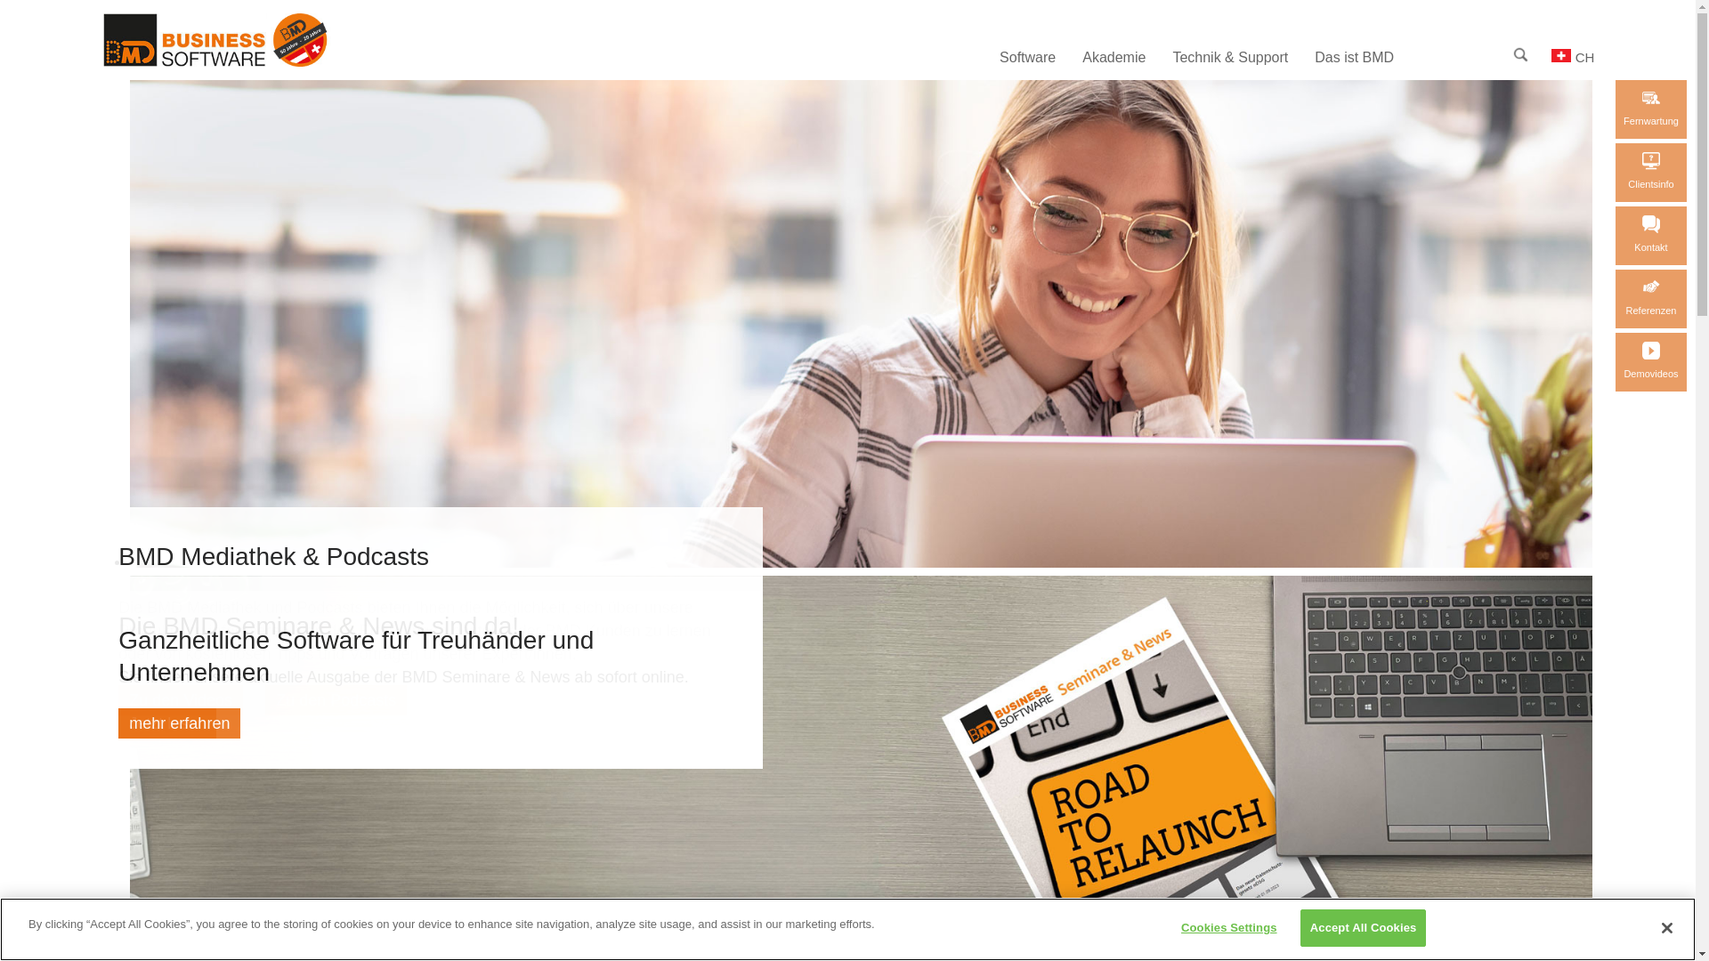  What do you see at coordinates (245, 61) in the screenshot?
I see `'BMD Schweiz AG'` at bounding box center [245, 61].